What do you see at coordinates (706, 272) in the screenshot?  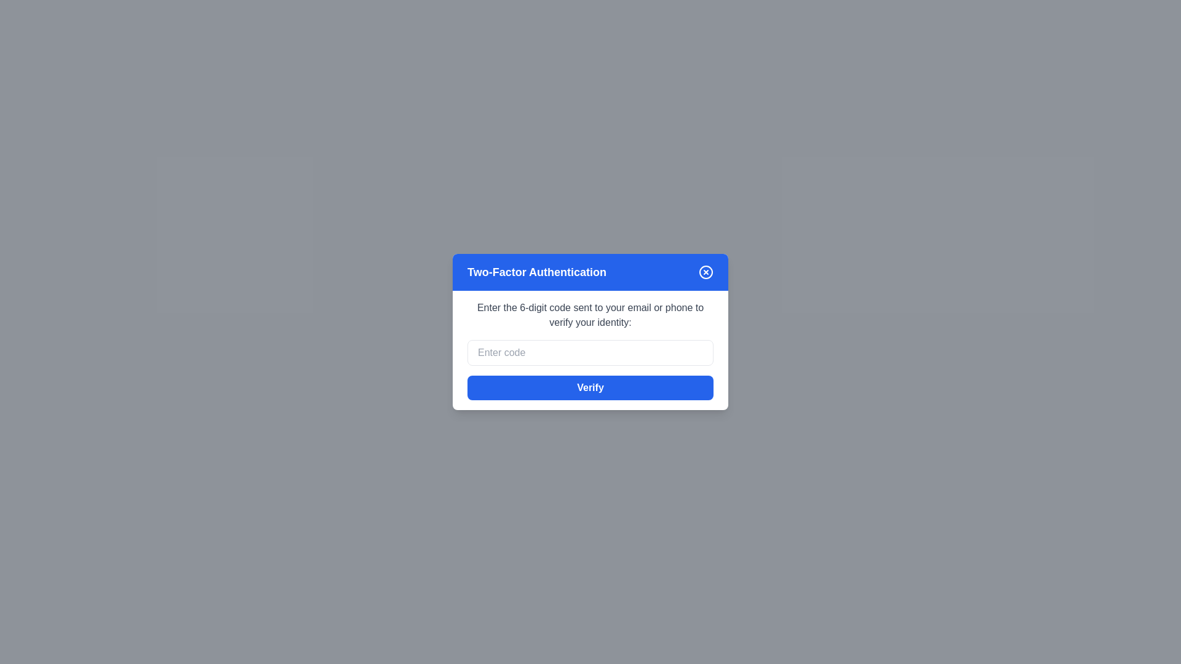 I see `the close icon in the header to dismiss the dialog` at bounding box center [706, 272].